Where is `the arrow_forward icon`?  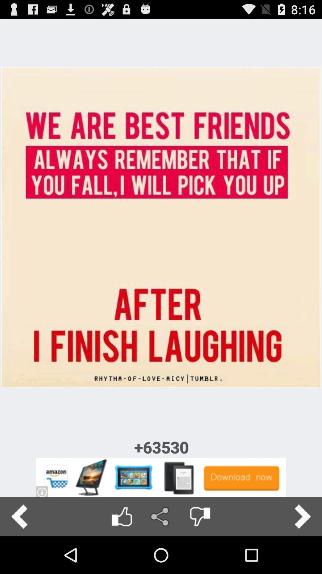
the arrow_forward icon is located at coordinates (302, 552).